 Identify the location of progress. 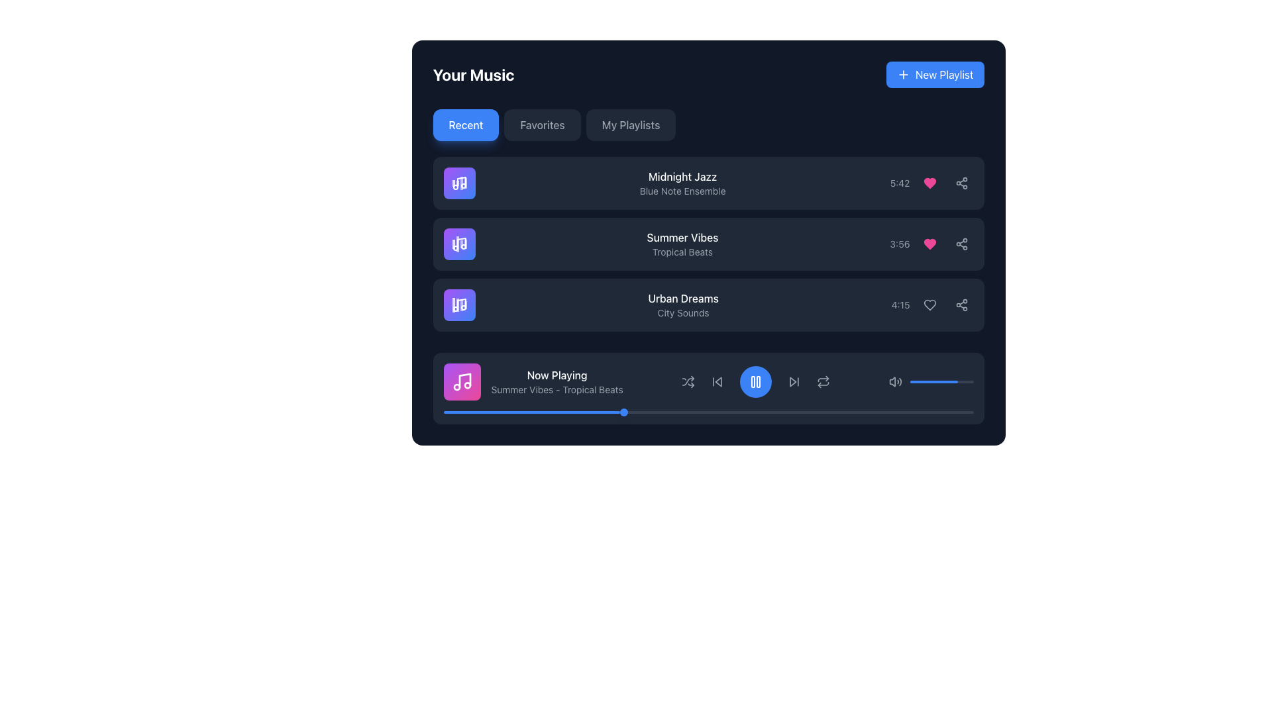
(814, 412).